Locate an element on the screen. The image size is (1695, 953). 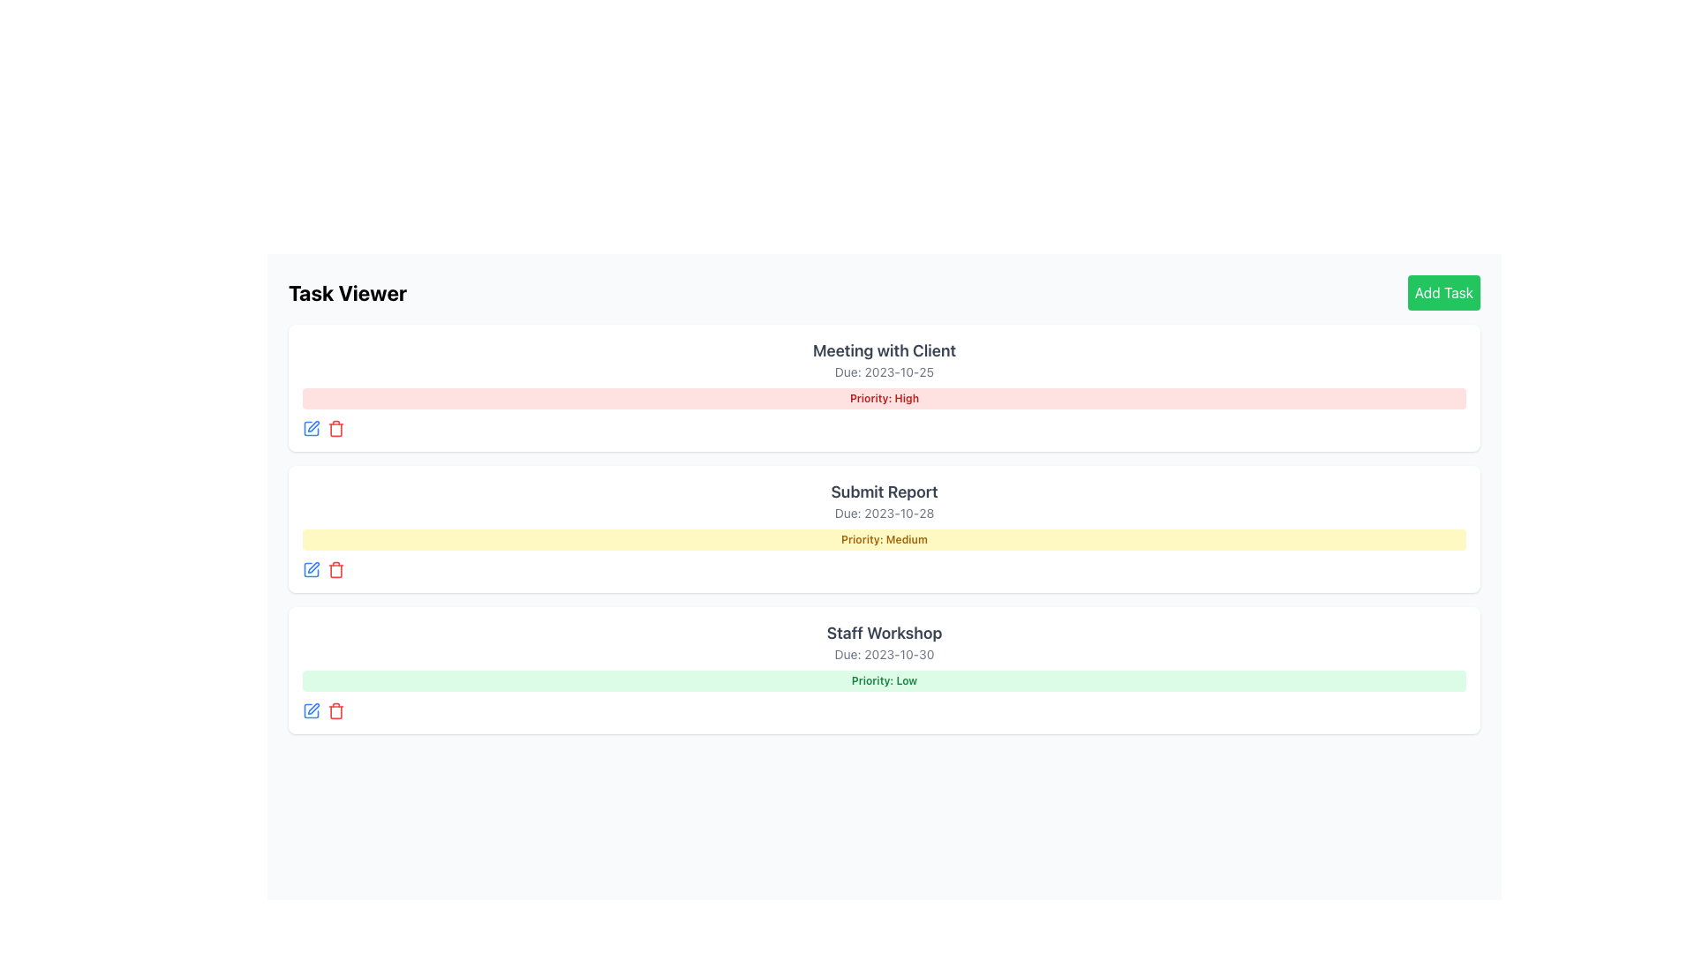
the text label displaying 'Due: 2023-10-30' which is located under the heading 'Staff Workshop' and above the 'Priority: Low' text block is located at coordinates (885, 654).